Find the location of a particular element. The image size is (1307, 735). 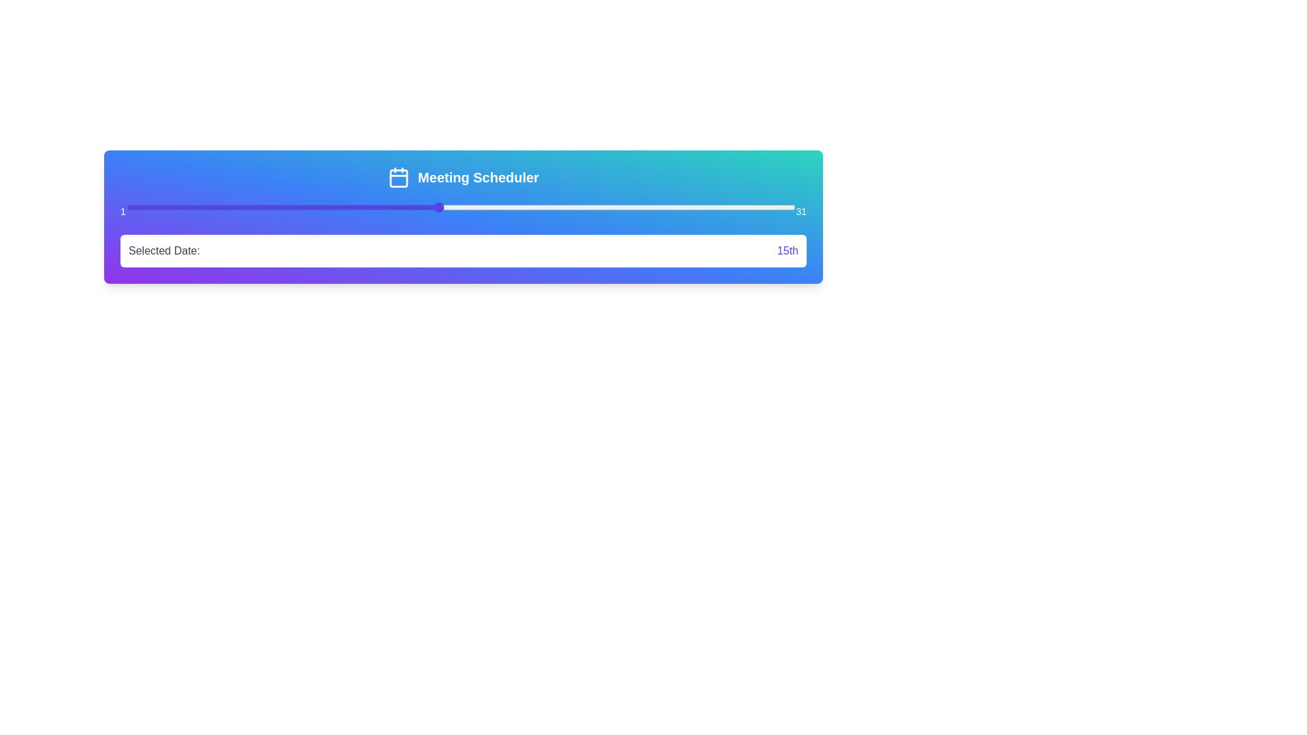

the date is located at coordinates (550, 207).